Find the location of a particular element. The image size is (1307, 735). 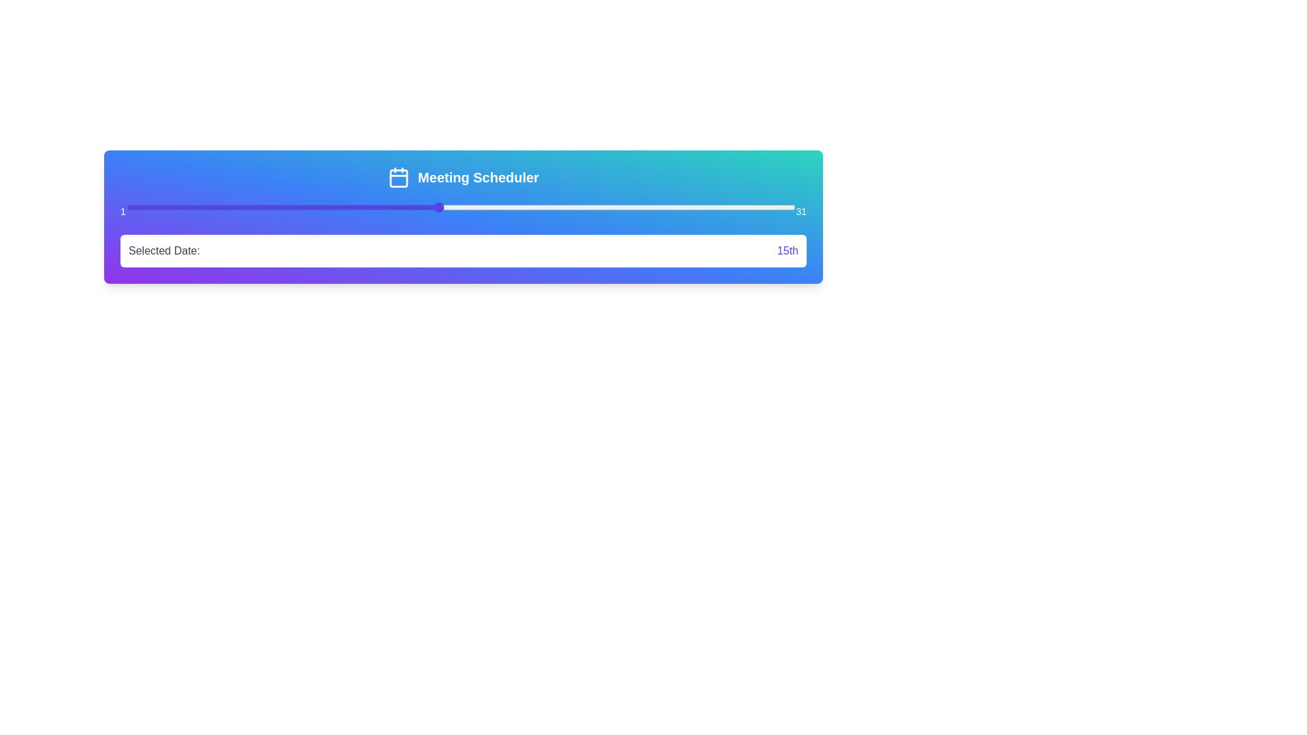

the date is located at coordinates (550, 207).